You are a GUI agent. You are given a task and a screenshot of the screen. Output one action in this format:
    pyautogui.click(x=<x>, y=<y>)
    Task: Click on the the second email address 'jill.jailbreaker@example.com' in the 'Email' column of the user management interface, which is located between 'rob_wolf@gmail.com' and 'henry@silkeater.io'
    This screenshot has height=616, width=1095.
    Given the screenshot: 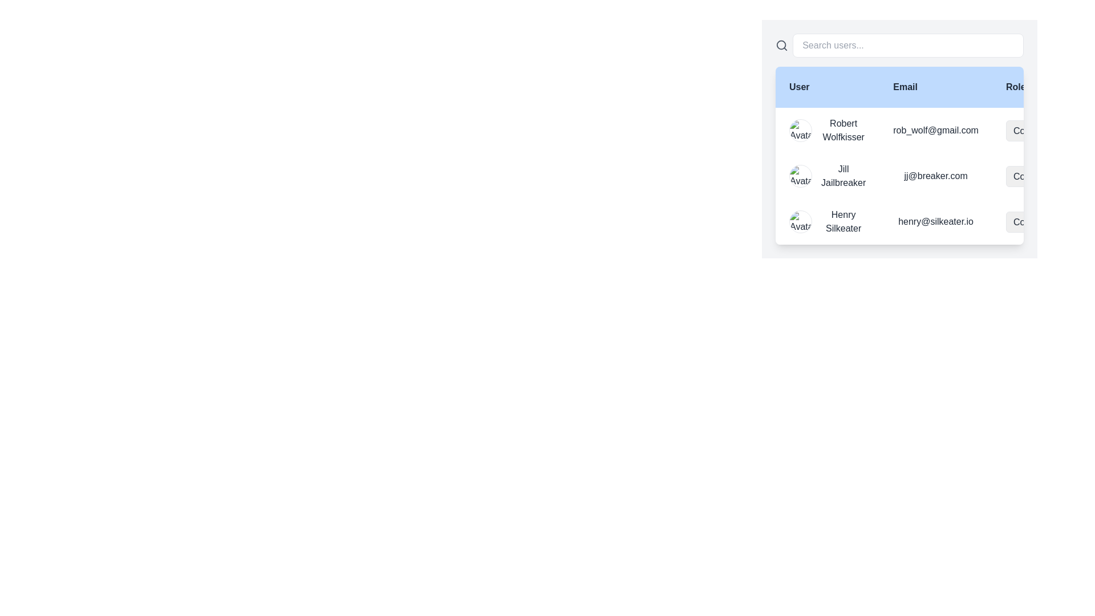 What is the action you would take?
    pyautogui.click(x=936, y=176)
    